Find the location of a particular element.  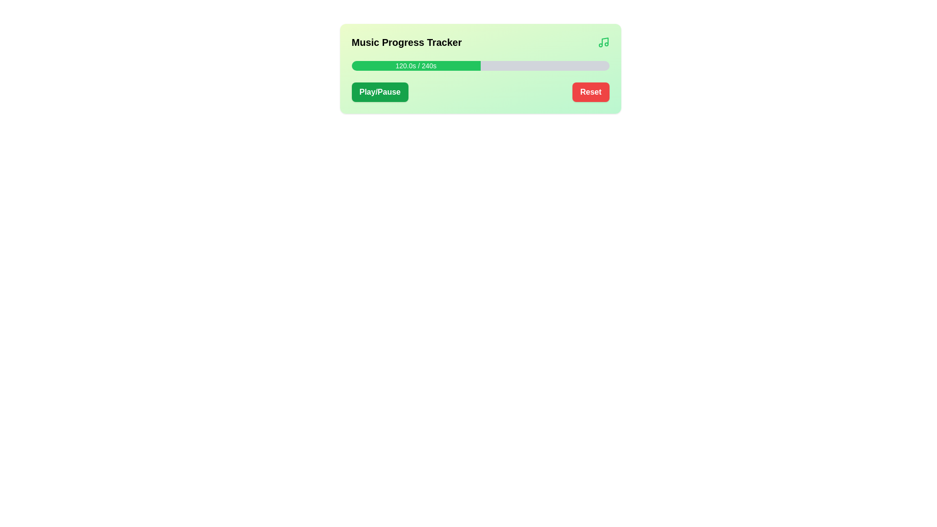

the progress bar that is visually represented with rounded ends, filled halfway with green on the left side and gray on the right, located between the title 'Music Progress Tracker' and the buttons 'Play/Pause' and 'Reset' is located at coordinates (480, 66).